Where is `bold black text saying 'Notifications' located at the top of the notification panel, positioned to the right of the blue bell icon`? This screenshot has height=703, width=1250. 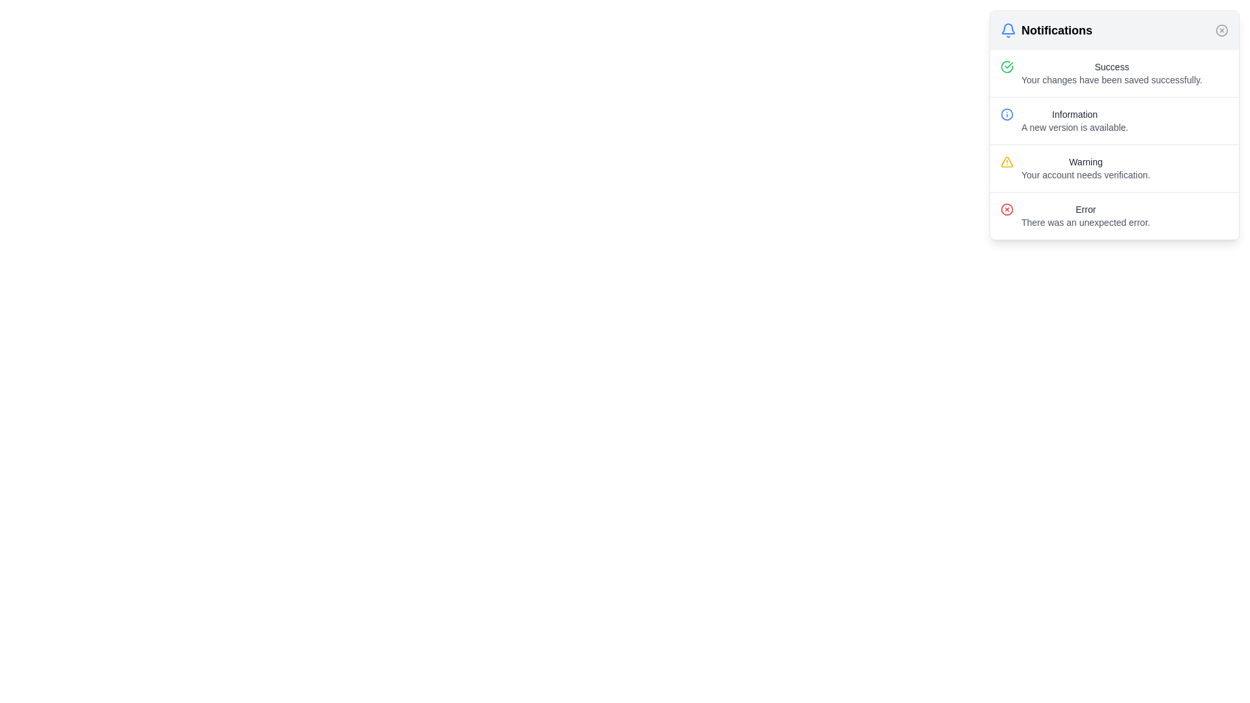 bold black text saying 'Notifications' located at the top of the notification panel, positioned to the right of the blue bell icon is located at coordinates (1057, 29).